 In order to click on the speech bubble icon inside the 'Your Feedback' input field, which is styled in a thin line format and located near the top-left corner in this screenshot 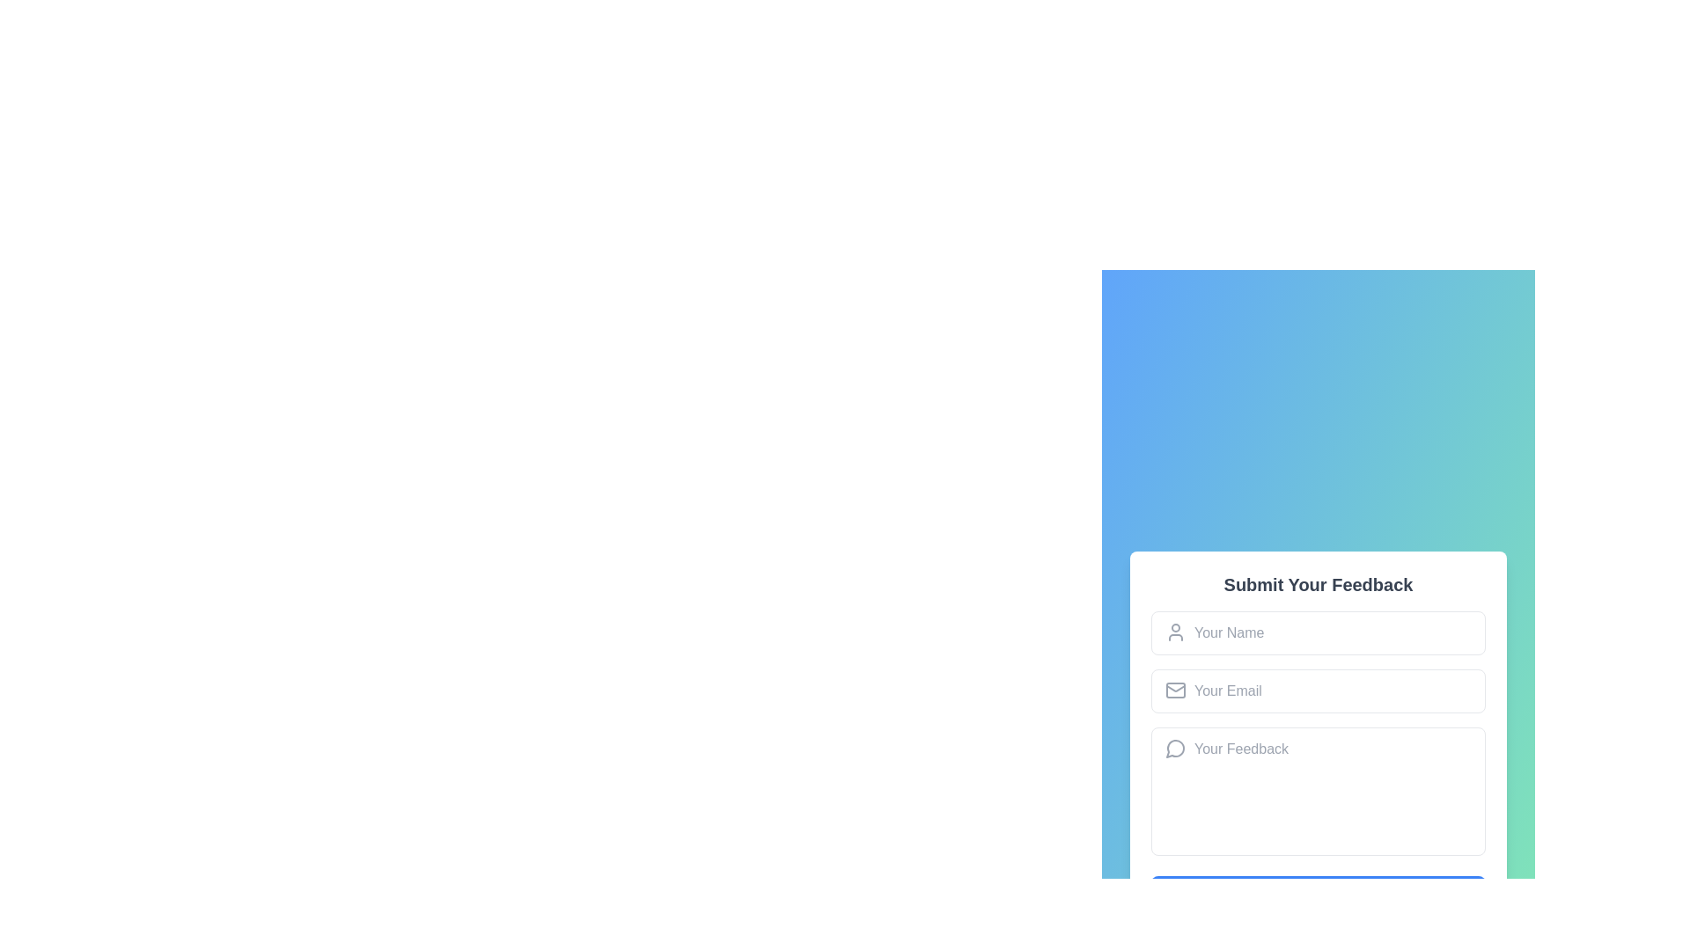, I will do `click(1175, 747)`.